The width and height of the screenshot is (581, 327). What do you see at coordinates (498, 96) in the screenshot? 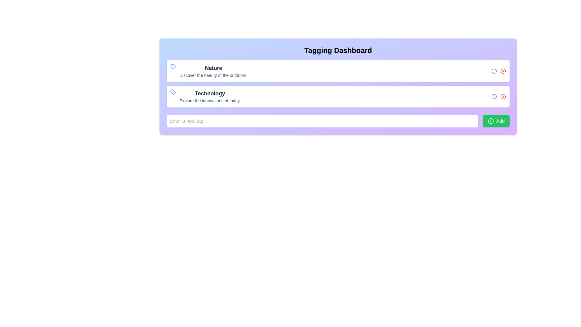
I see `the cross icon located to the far right of the 'Technology' description text in the Control Group` at bounding box center [498, 96].